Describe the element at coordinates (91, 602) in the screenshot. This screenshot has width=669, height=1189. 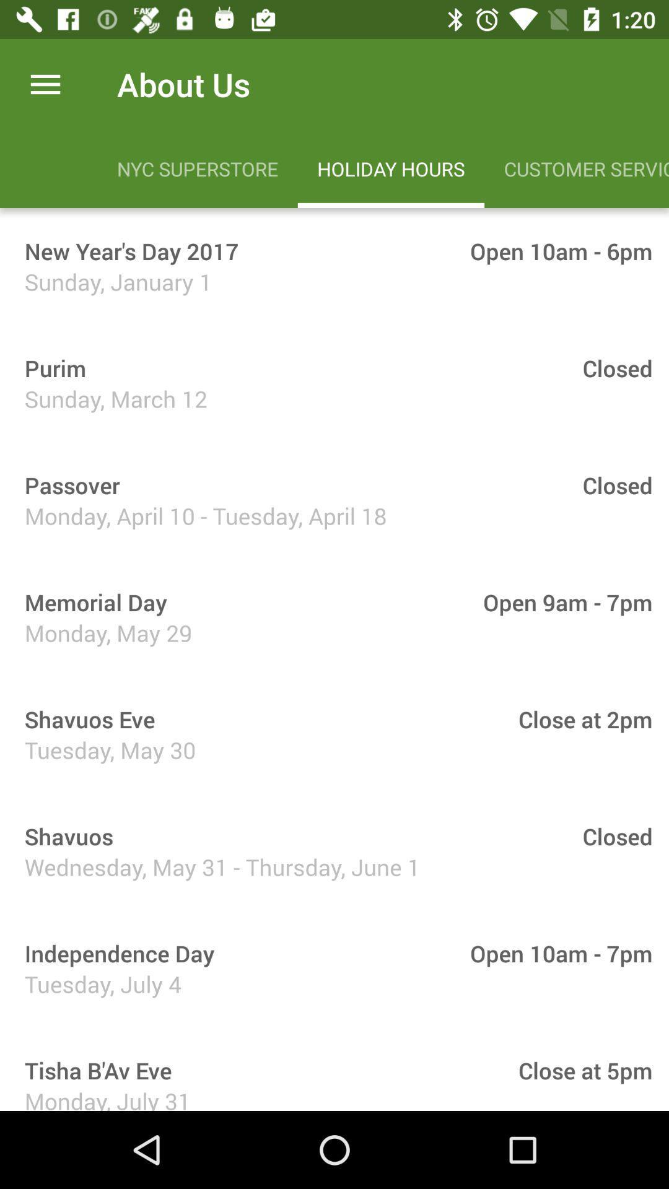
I see `memorial day icon` at that location.